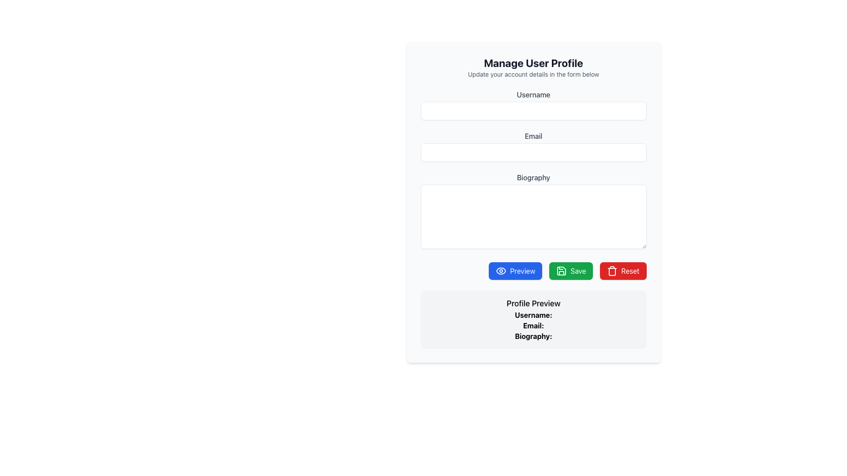 This screenshot has width=847, height=476. What do you see at coordinates (501, 270) in the screenshot?
I see `the left elliptical component of the outlined eye structure, which is part of the eye icon located near the blue 'Preview' button in the lower section of the interface` at bounding box center [501, 270].